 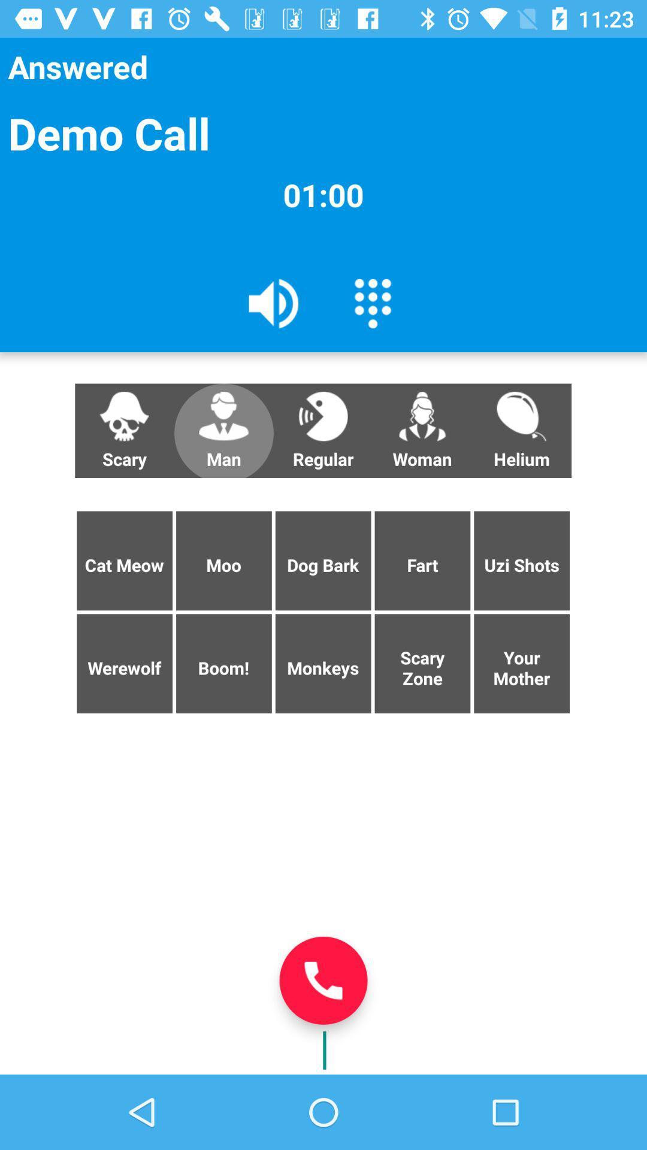 What do you see at coordinates (274, 302) in the screenshot?
I see `the item above man icon` at bounding box center [274, 302].